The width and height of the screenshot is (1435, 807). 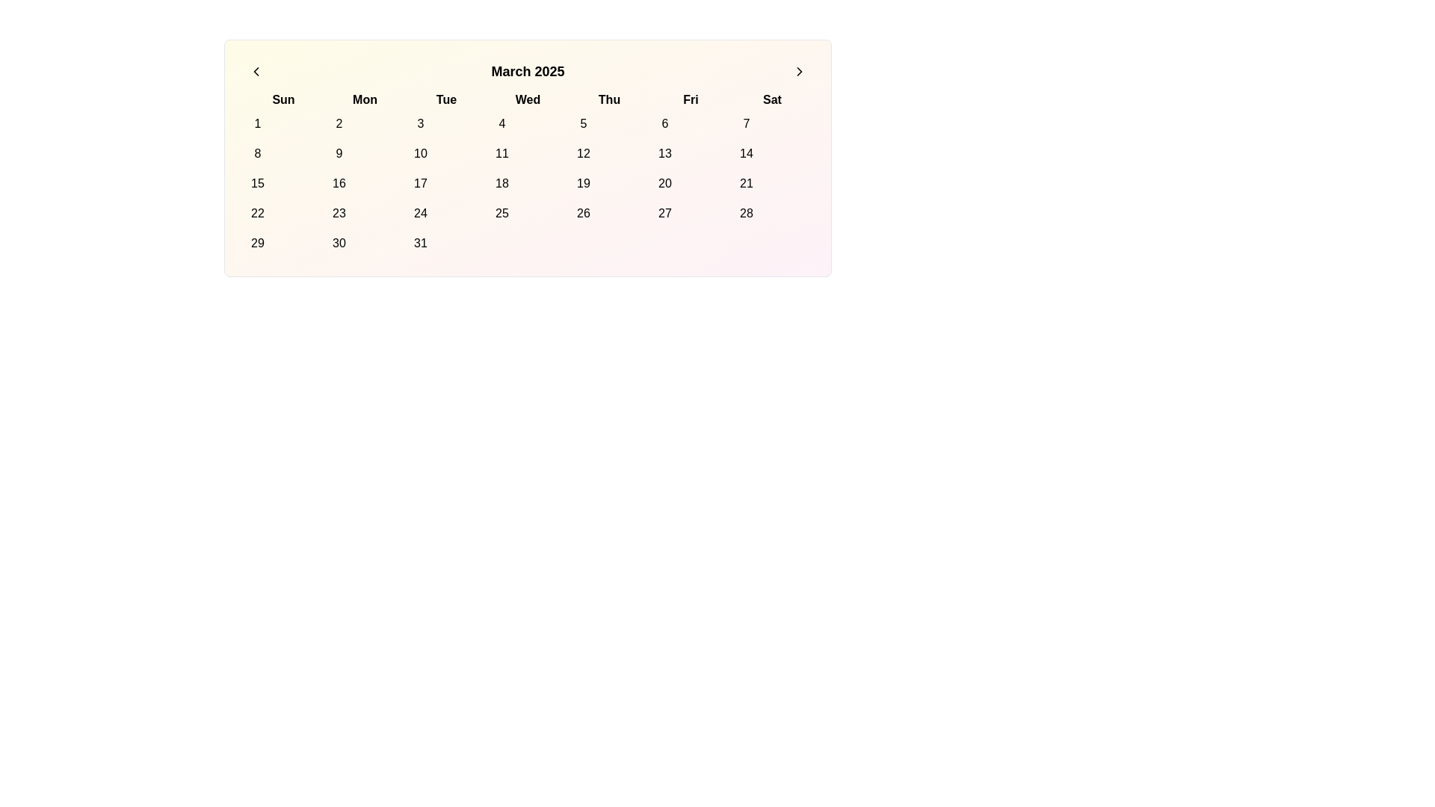 What do you see at coordinates (256, 72) in the screenshot?
I see `the circular button with a leftward chevron that changes to a yellow hue on hover, located to the left of the 'March 2025' title in the calendar navigation` at bounding box center [256, 72].